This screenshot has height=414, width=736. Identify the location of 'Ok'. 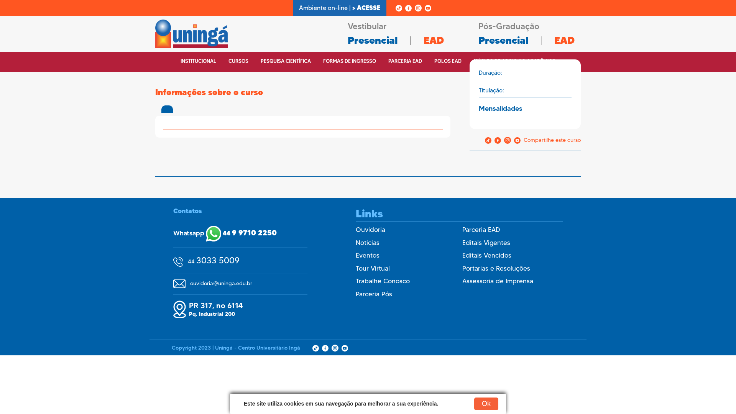
(474, 403).